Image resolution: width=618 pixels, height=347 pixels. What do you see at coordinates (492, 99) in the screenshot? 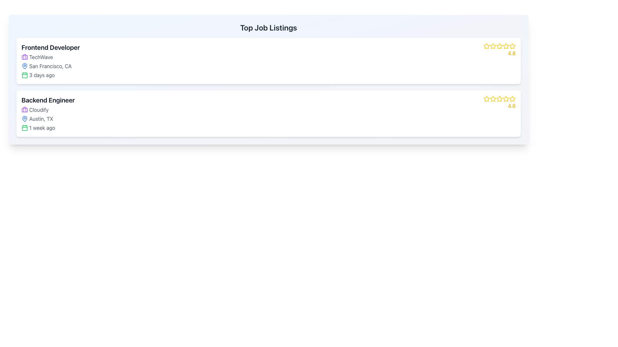
I see `the third star icon in the horizontal row of five stars located in the bottom job listing's rating section` at bounding box center [492, 99].